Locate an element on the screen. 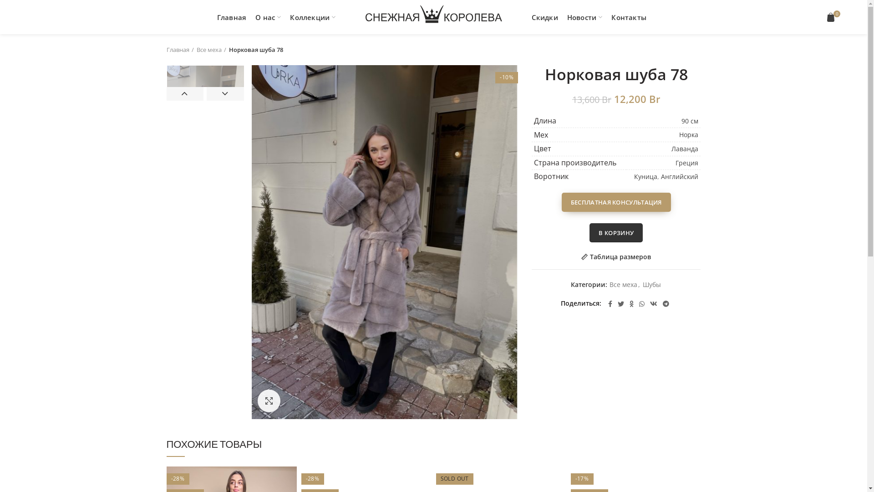 This screenshot has height=492, width=874. 'Telegram' is located at coordinates (666, 304).